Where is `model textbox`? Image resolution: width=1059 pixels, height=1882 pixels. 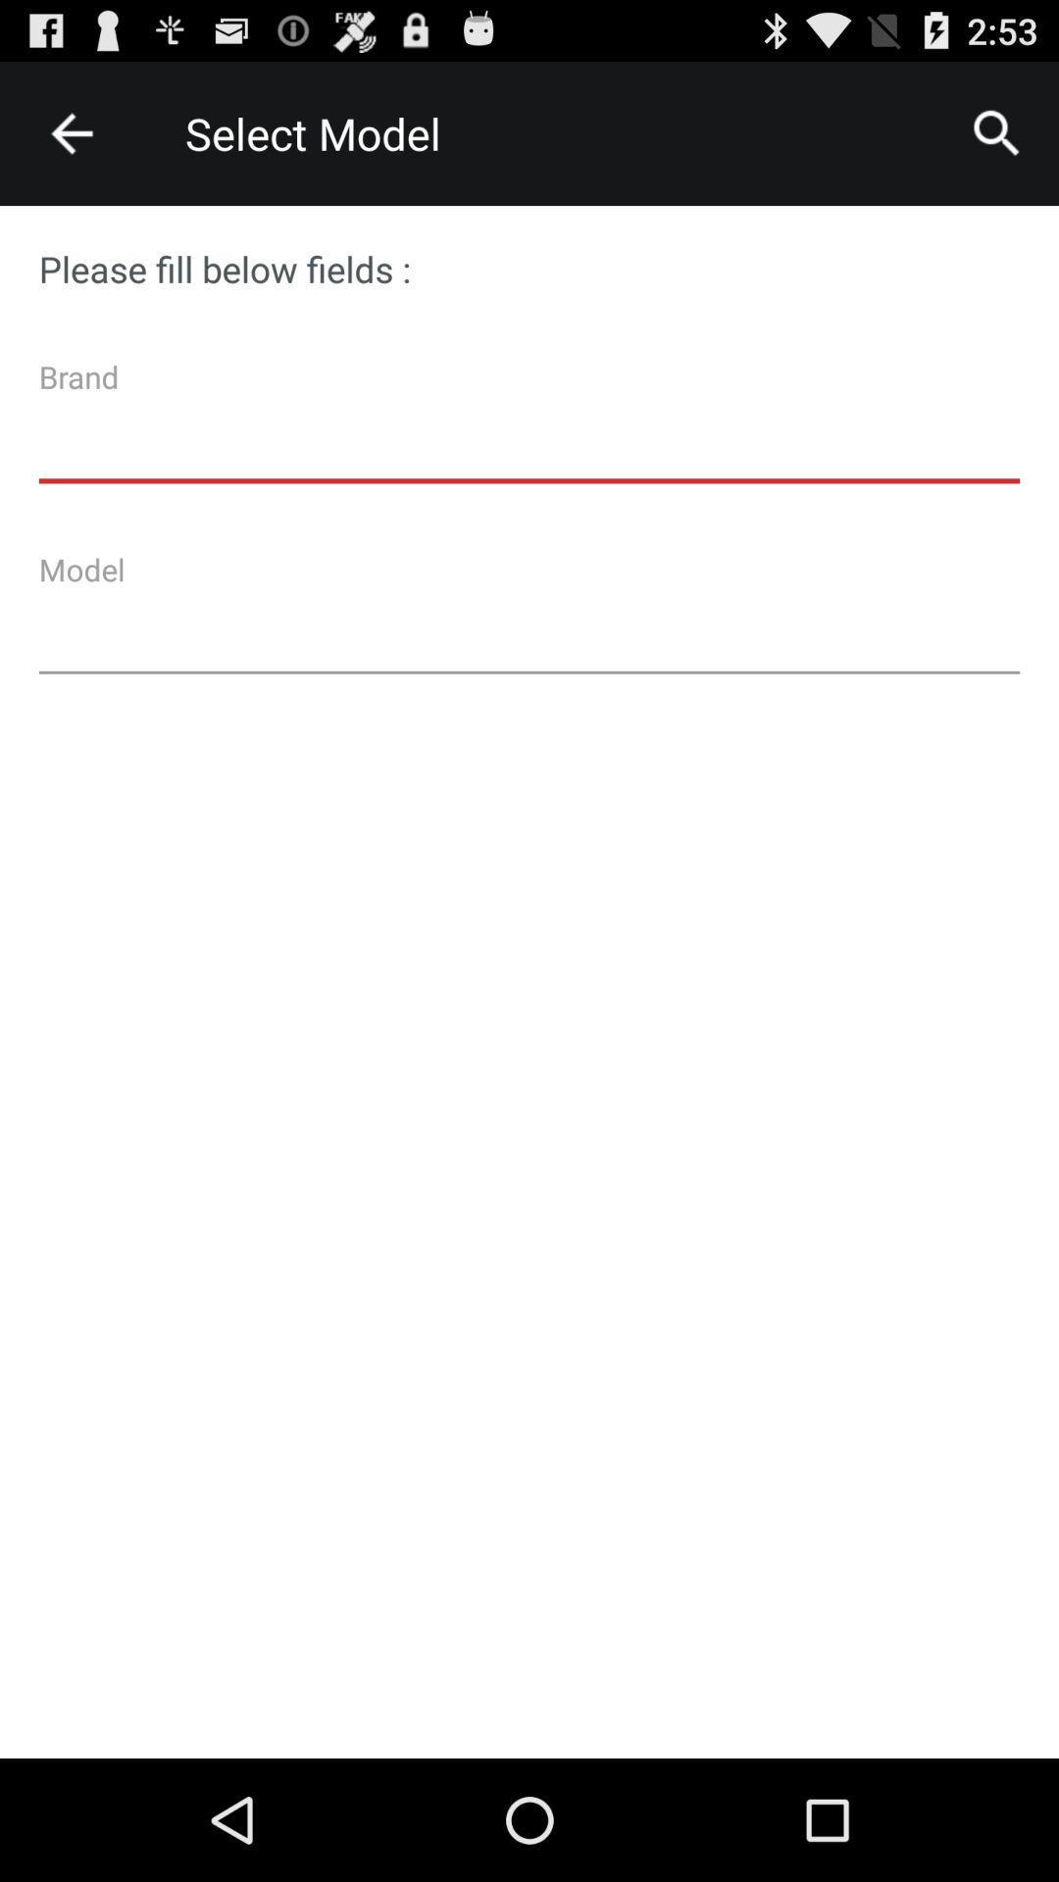 model textbox is located at coordinates (529, 619).